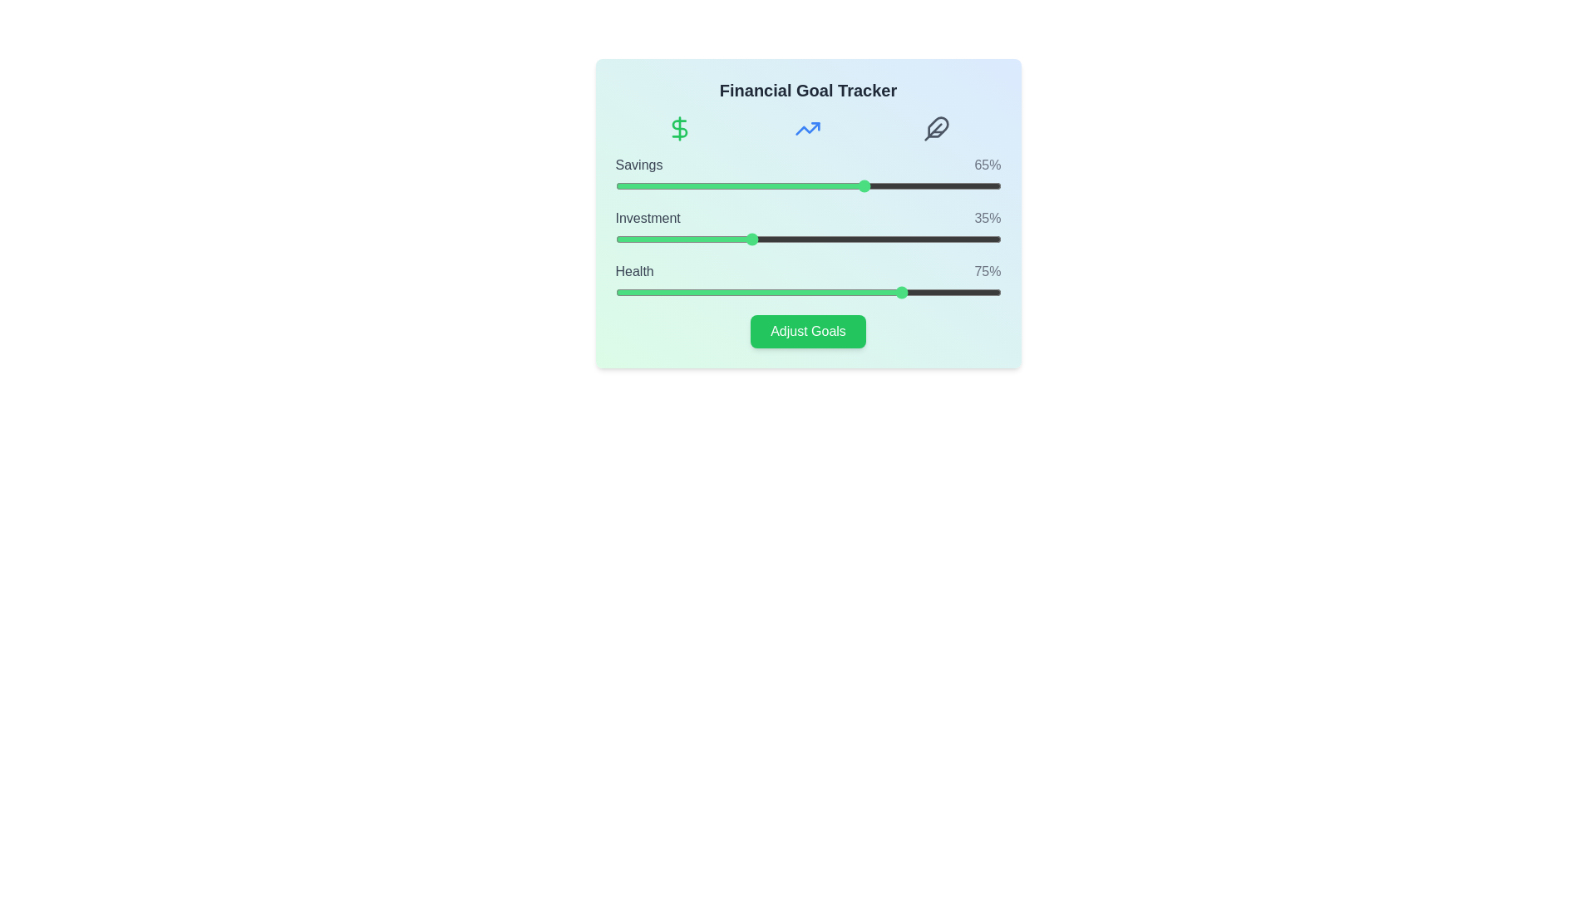 The width and height of the screenshot is (1596, 898). I want to click on the 'Adjust Goals' button to view the current progress of each financial goal, so click(808, 331).